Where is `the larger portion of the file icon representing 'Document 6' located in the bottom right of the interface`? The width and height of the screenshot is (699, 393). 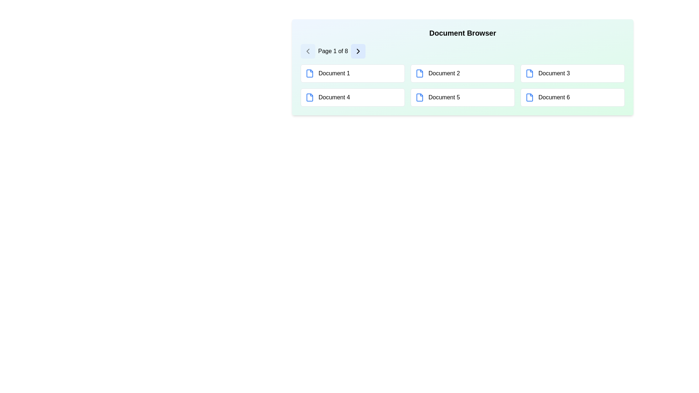 the larger portion of the file icon representing 'Document 6' located in the bottom right of the interface is located at coordinates (529, 97).